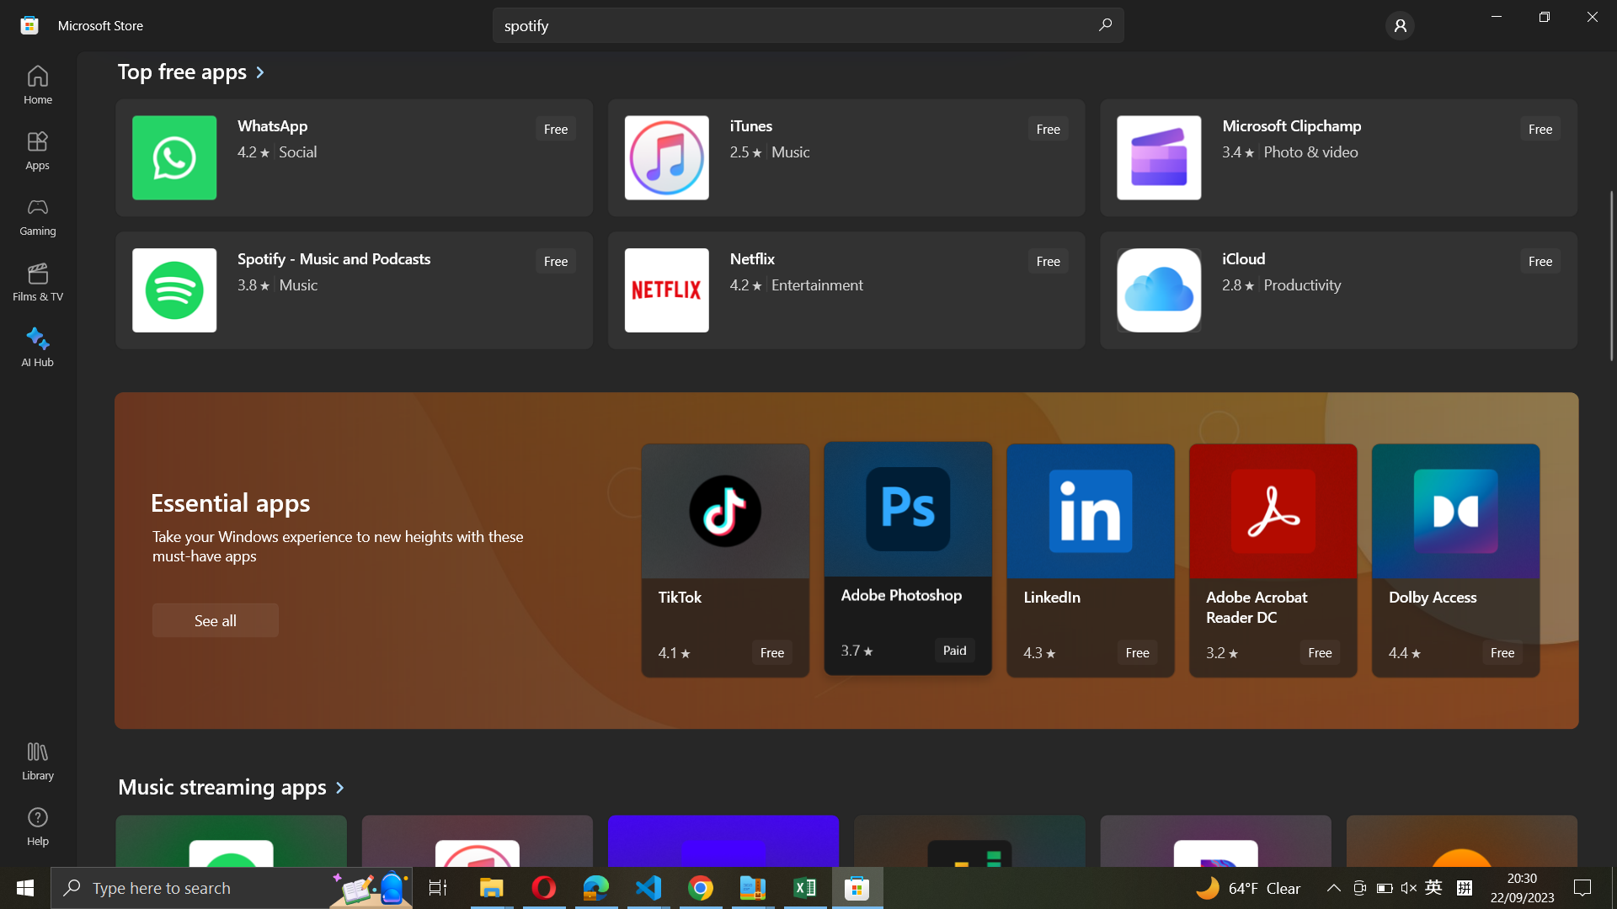  I want to click on View user account details, so click(1400, 24).